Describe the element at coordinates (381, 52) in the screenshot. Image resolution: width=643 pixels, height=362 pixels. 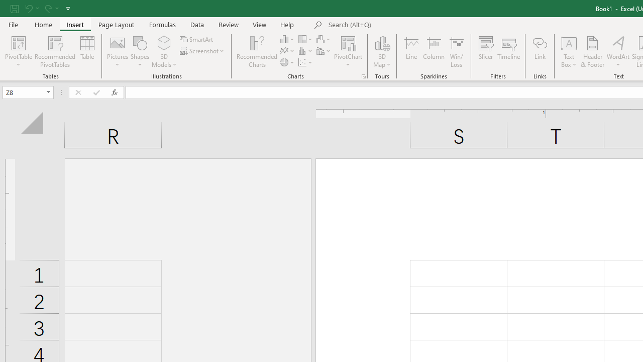
I see `'3D Map'` at that location.